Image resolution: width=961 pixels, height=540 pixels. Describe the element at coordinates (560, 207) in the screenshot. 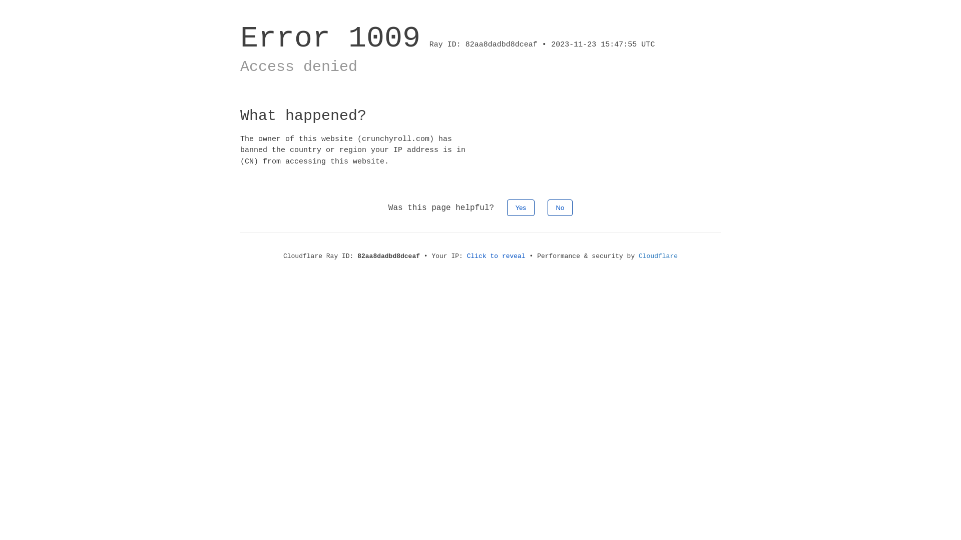

I see `'No'` at that location.